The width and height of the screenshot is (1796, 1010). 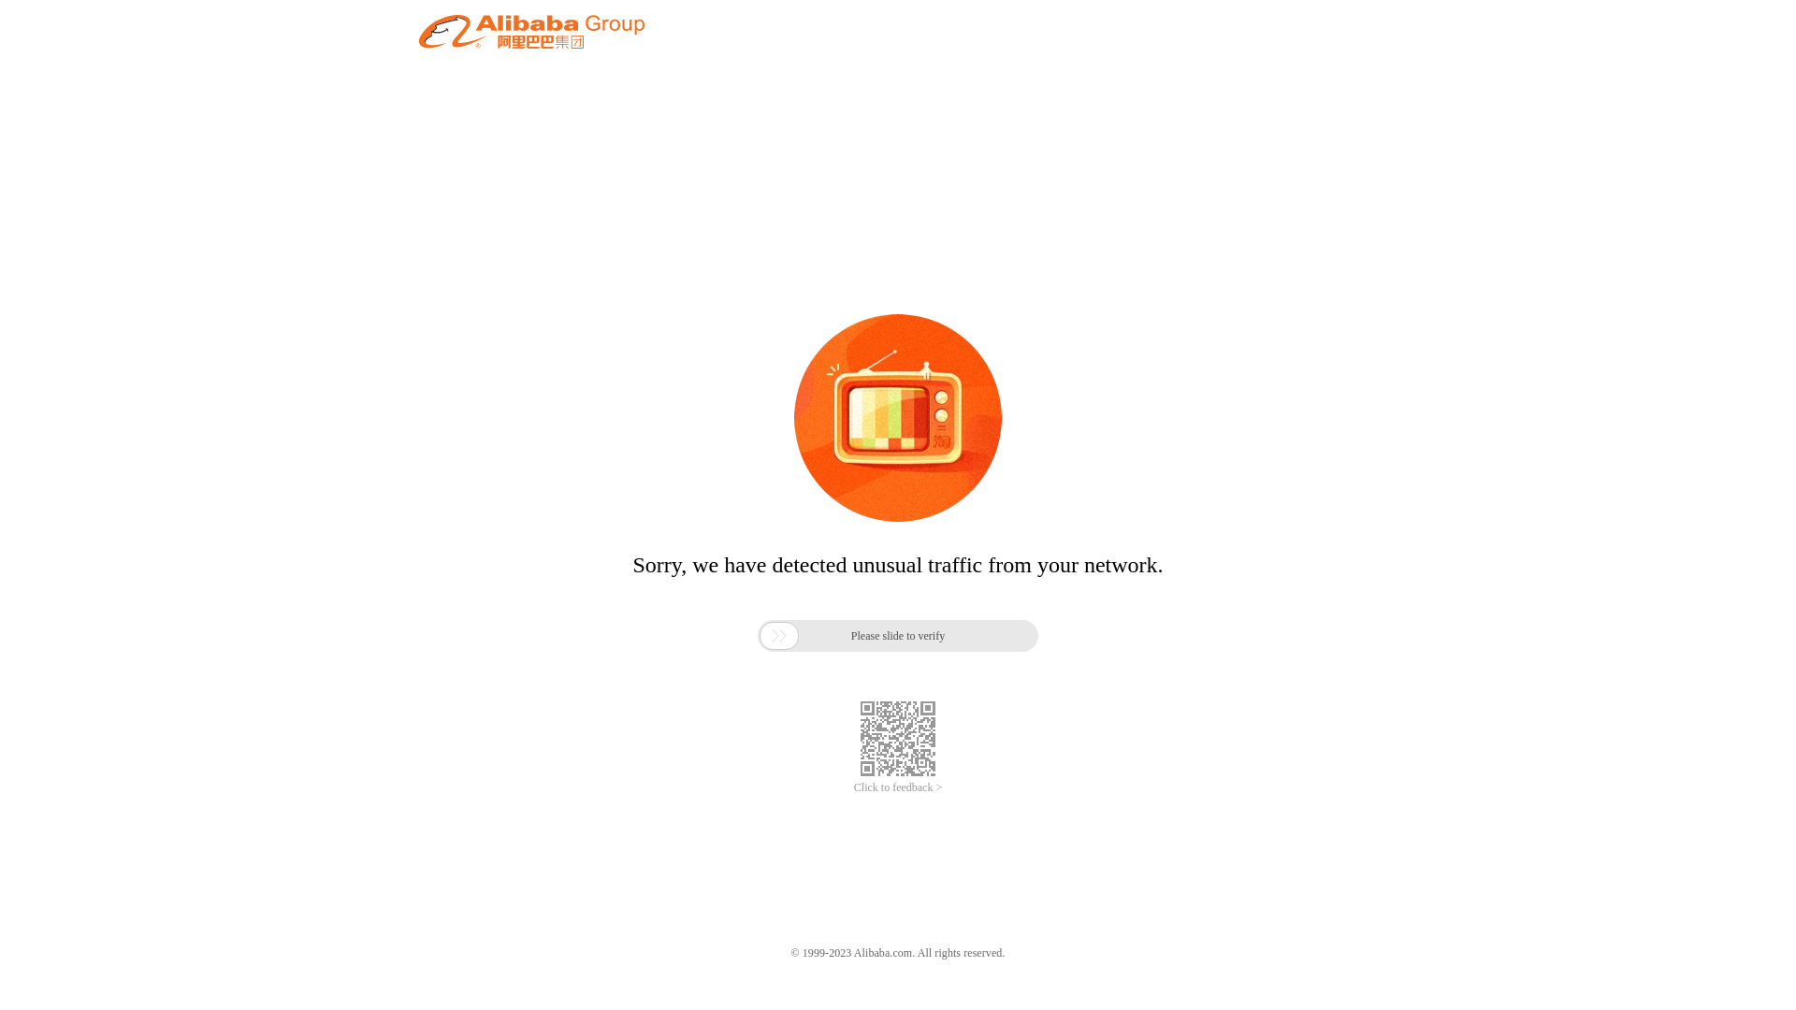 What do you see at coordinates (852, 787) in the screenshot?
I see `'Click to feedback >'` at bounding box center [852, 787].